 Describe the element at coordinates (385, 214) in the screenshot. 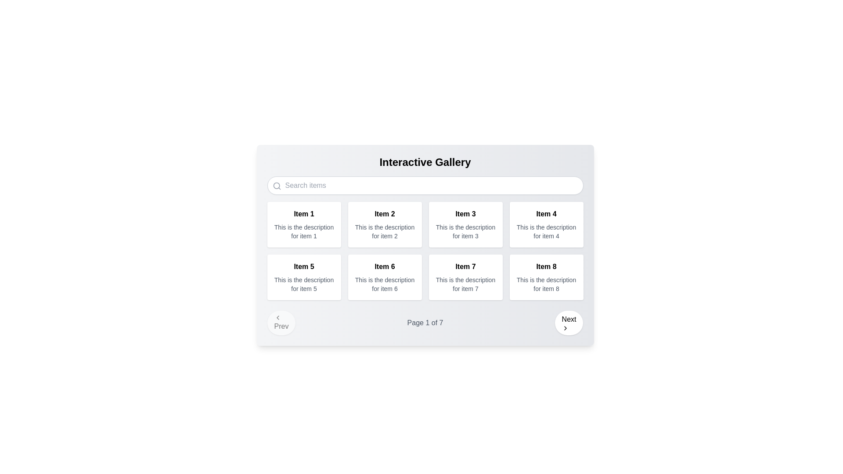

I see `the title Label at the top center of the second card in the gallery's top row, which serves as an identifier for the associated item` at that location.